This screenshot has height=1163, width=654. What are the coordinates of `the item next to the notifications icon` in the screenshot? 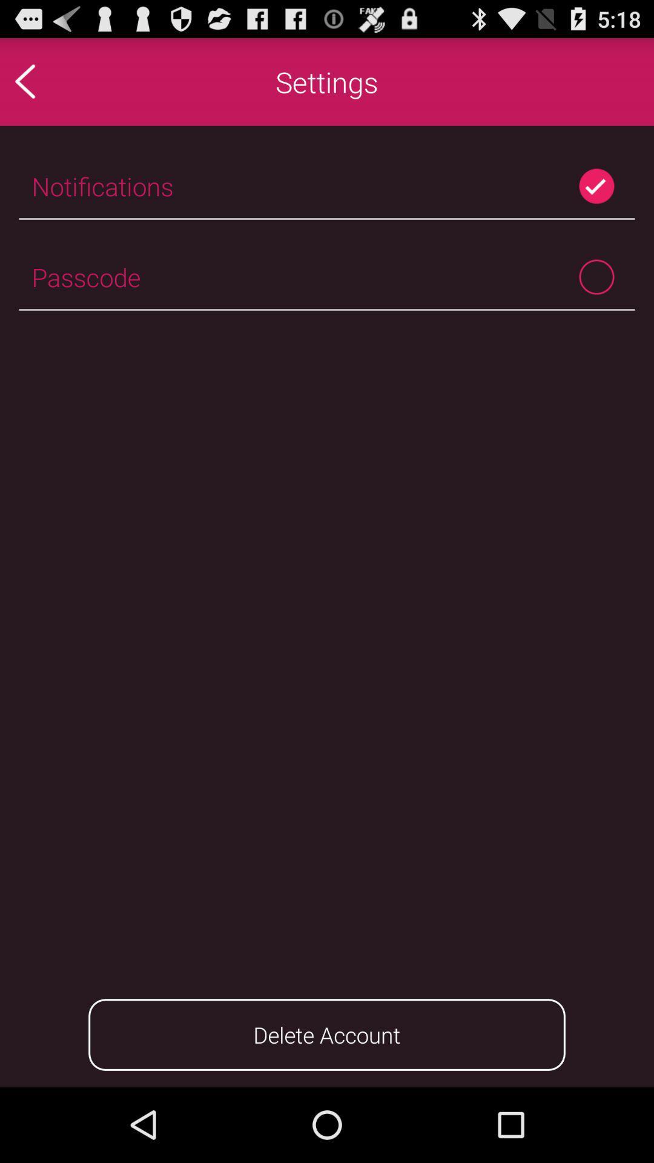 It's located at (596, 185).